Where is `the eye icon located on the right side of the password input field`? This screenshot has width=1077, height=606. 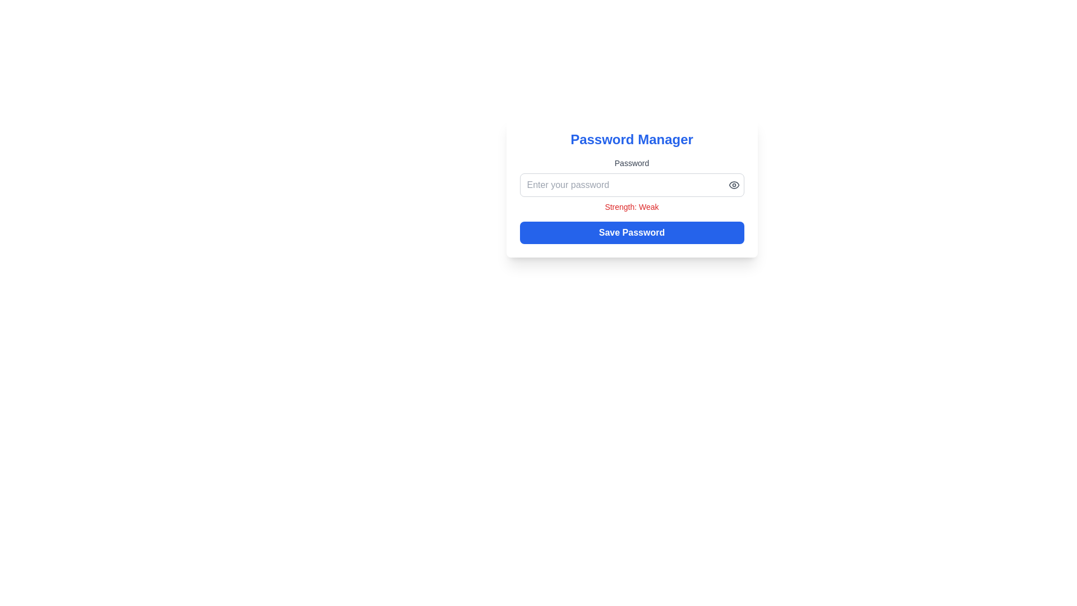
the eye icon located on the right side of the password input field is located at coordinates (734, 185).